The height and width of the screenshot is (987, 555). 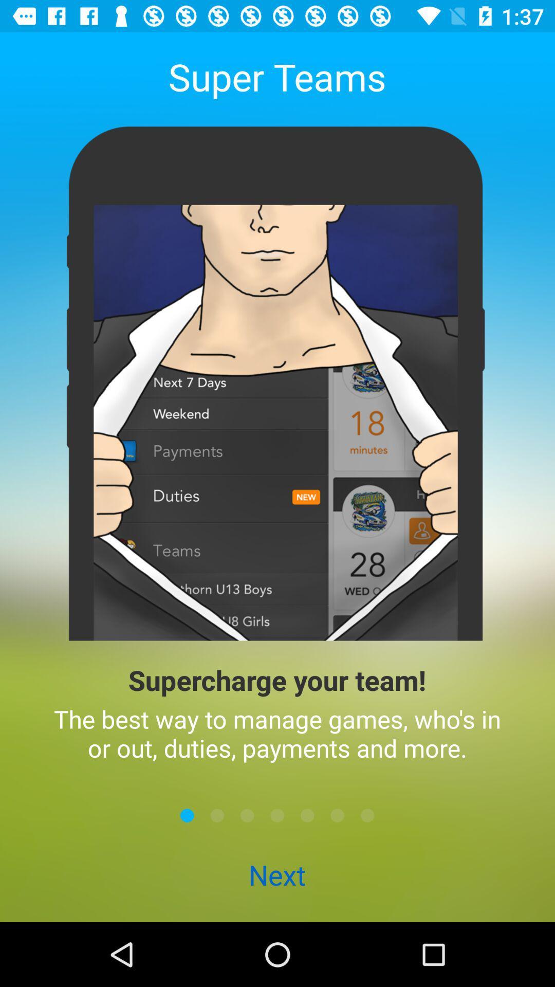 What do you see at coordinates (337, 815) in the screenshot?
I see `6th button` at bounding box center [337, 815].